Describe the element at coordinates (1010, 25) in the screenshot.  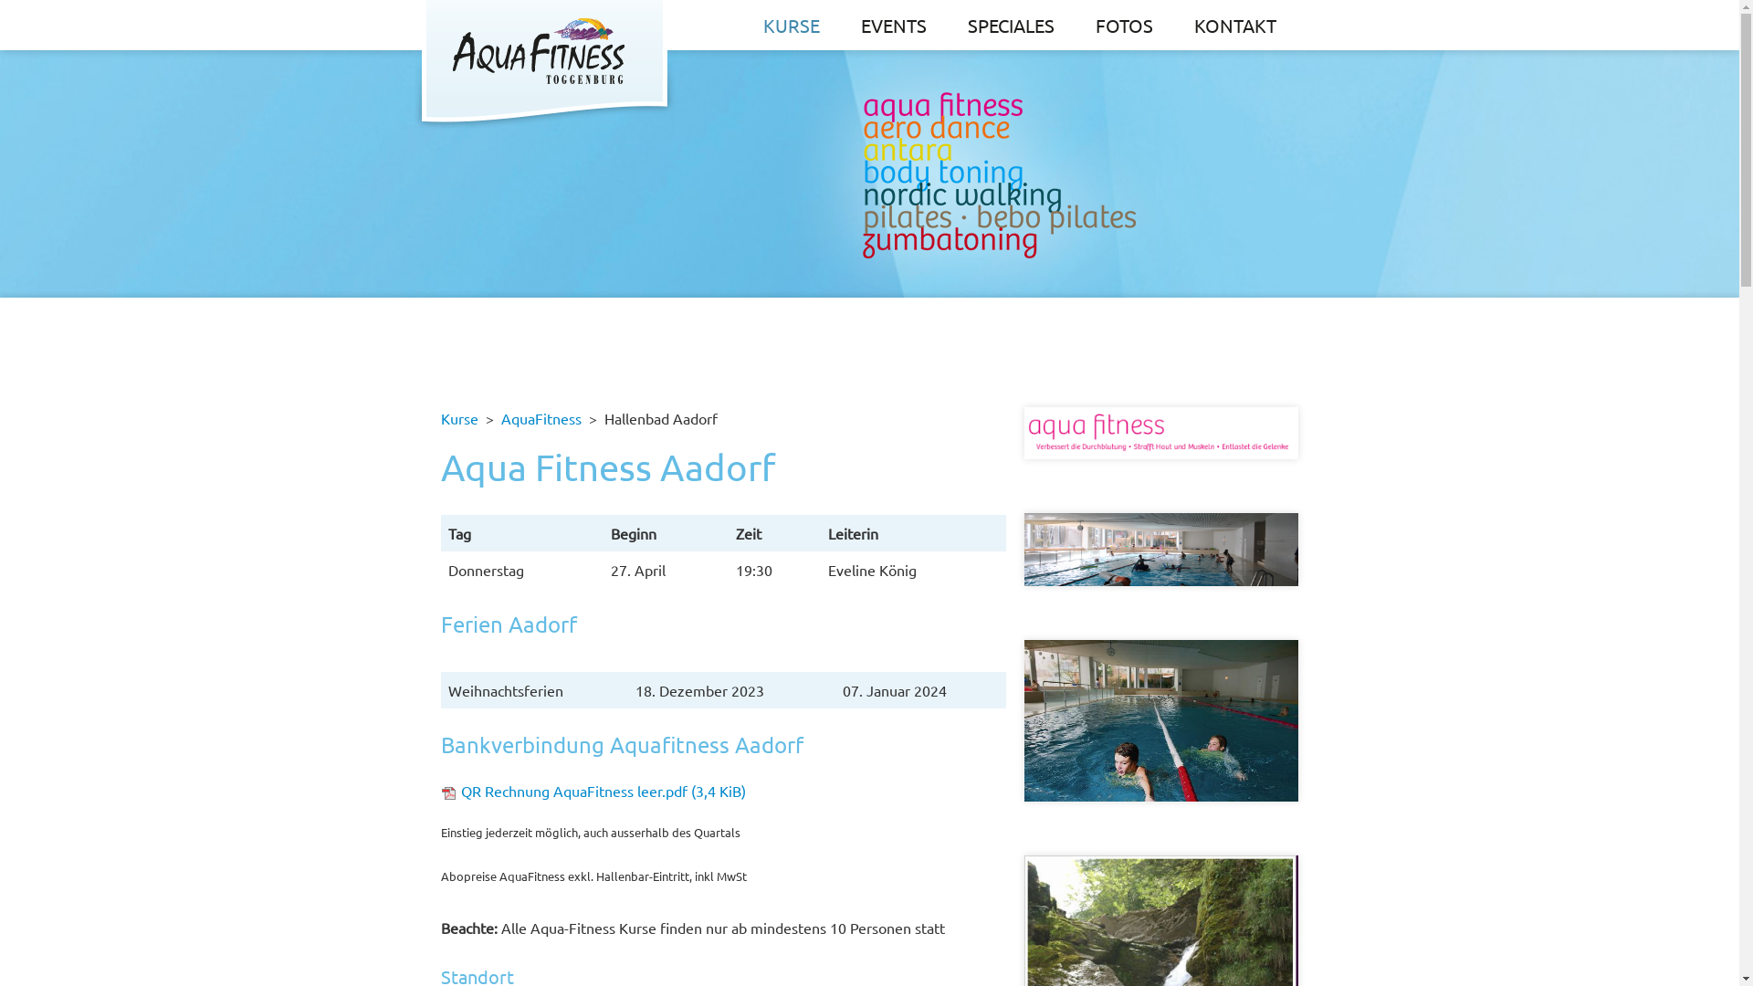
I see `'SPECIALES'` at that location.